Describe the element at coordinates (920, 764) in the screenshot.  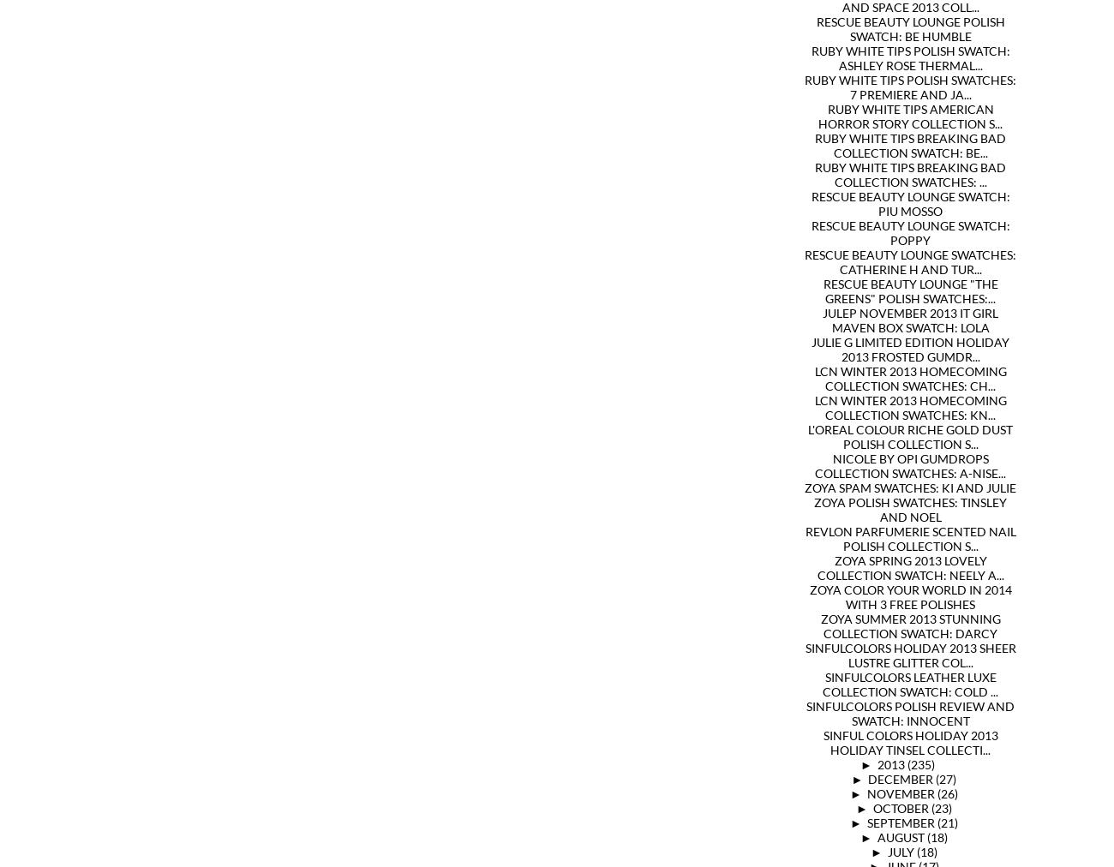
I see `'(235)'` at that location.